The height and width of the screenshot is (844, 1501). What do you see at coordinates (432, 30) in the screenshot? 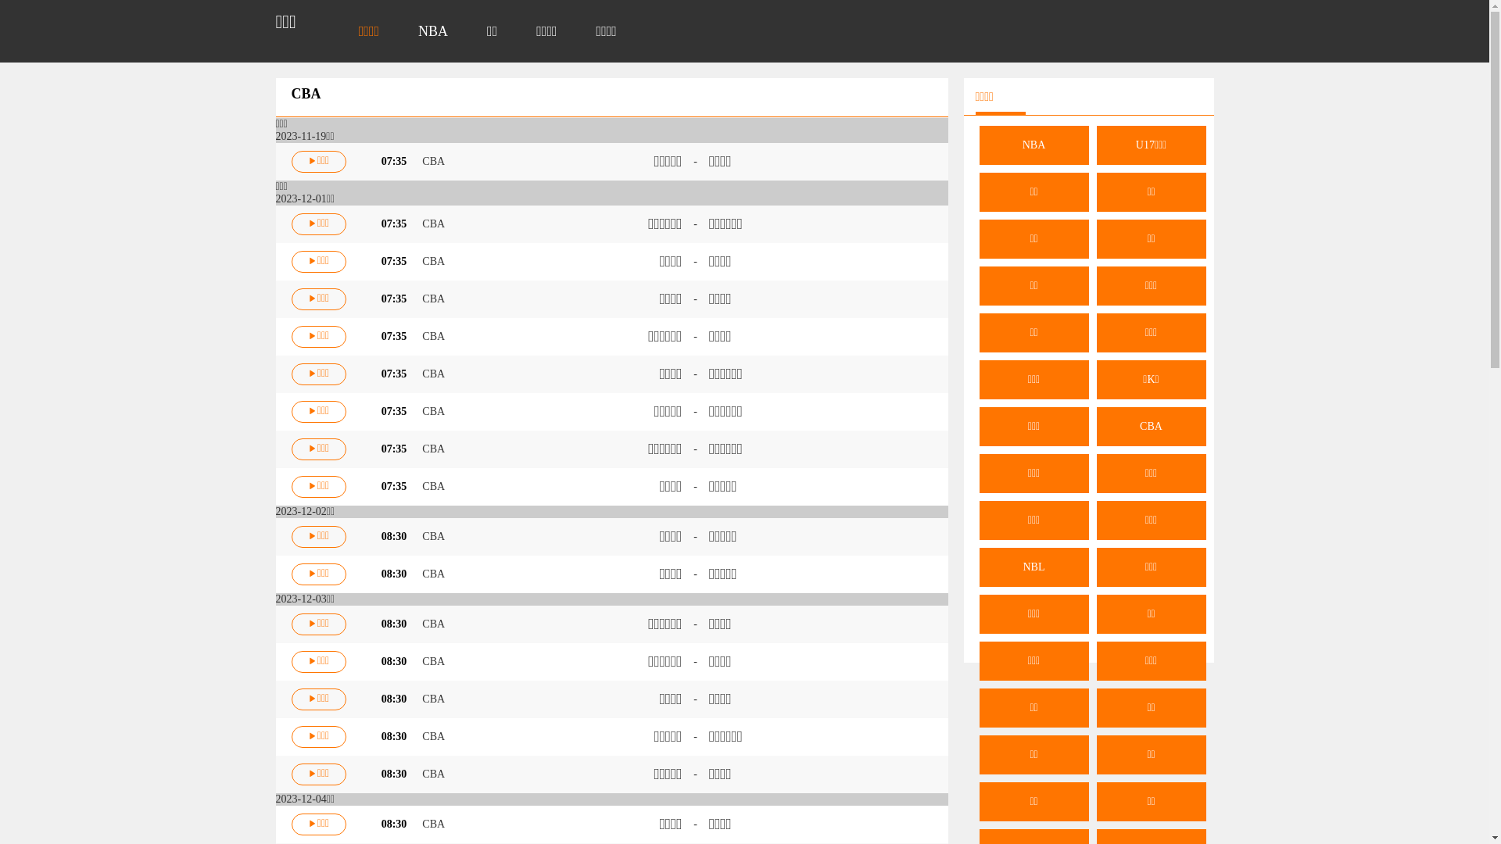
I see `'NBA'` at bounding box center [432, 30].